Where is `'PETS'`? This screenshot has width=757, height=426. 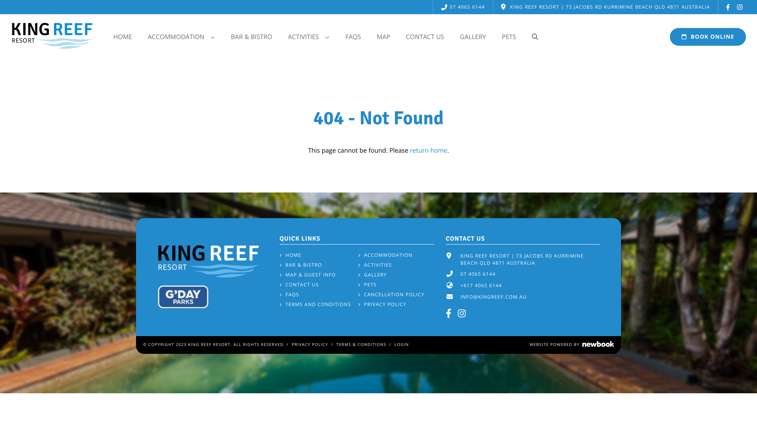
'PETS' is located at coordinates (367, 284).